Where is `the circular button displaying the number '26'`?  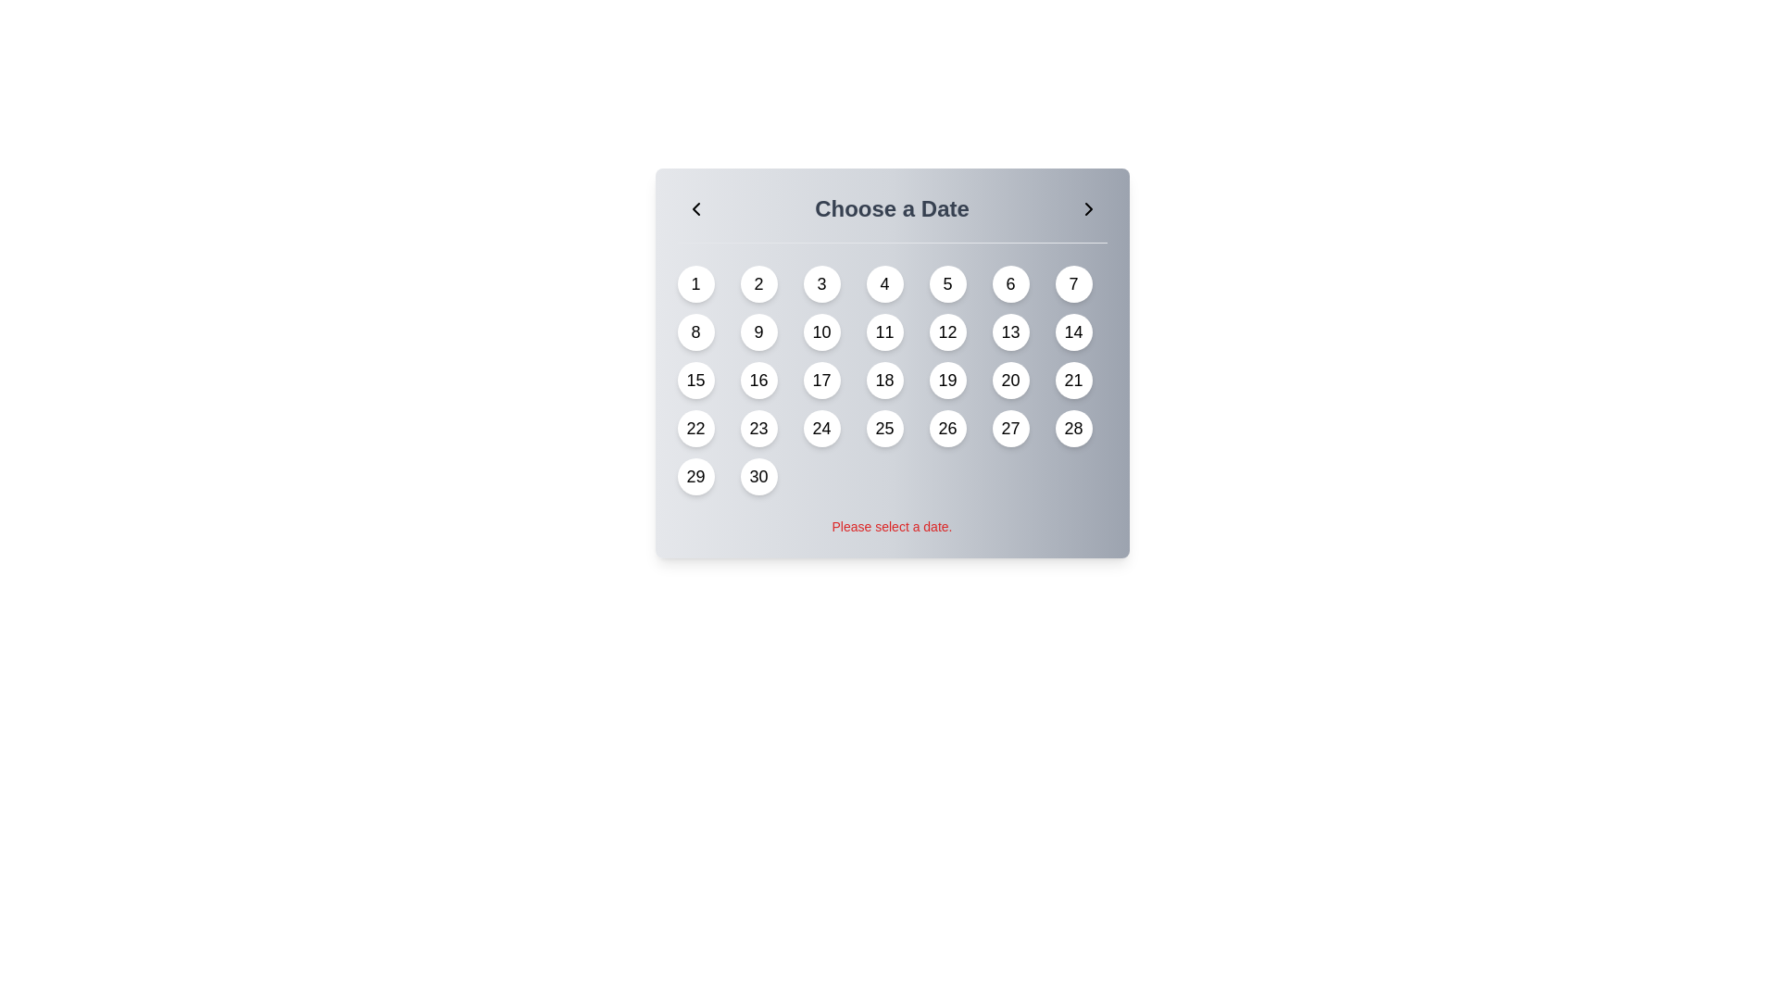 the circular button displaying the number '26' is located at coordinates (947, 428).